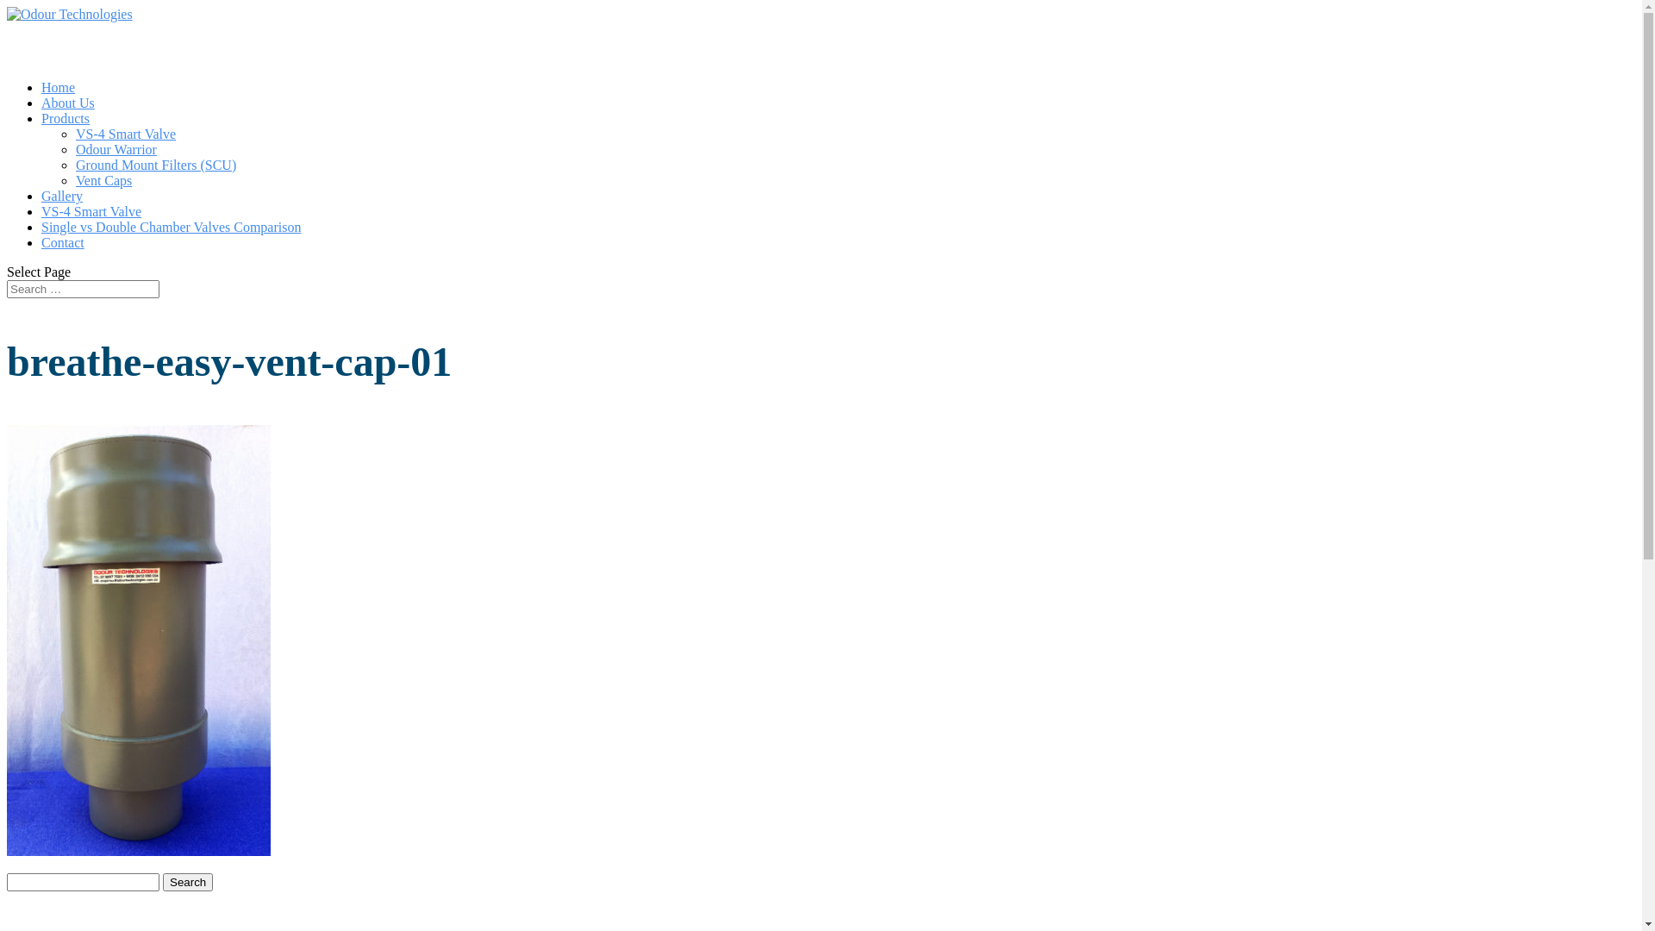 The height and width of the screenshot is (931, 1655). What do you see at coordinates (187, 882) in the screenshot?
I see `'Search'` at bounding box center [187, 882].